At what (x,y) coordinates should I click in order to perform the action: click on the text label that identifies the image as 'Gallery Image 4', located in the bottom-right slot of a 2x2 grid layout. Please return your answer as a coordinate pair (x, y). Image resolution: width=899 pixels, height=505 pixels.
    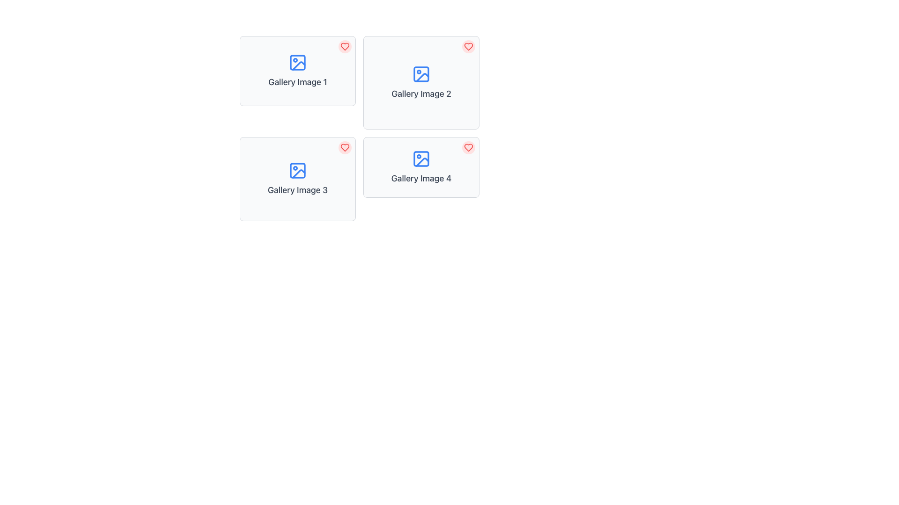
    Looking at the image, I should click on (421, 178).